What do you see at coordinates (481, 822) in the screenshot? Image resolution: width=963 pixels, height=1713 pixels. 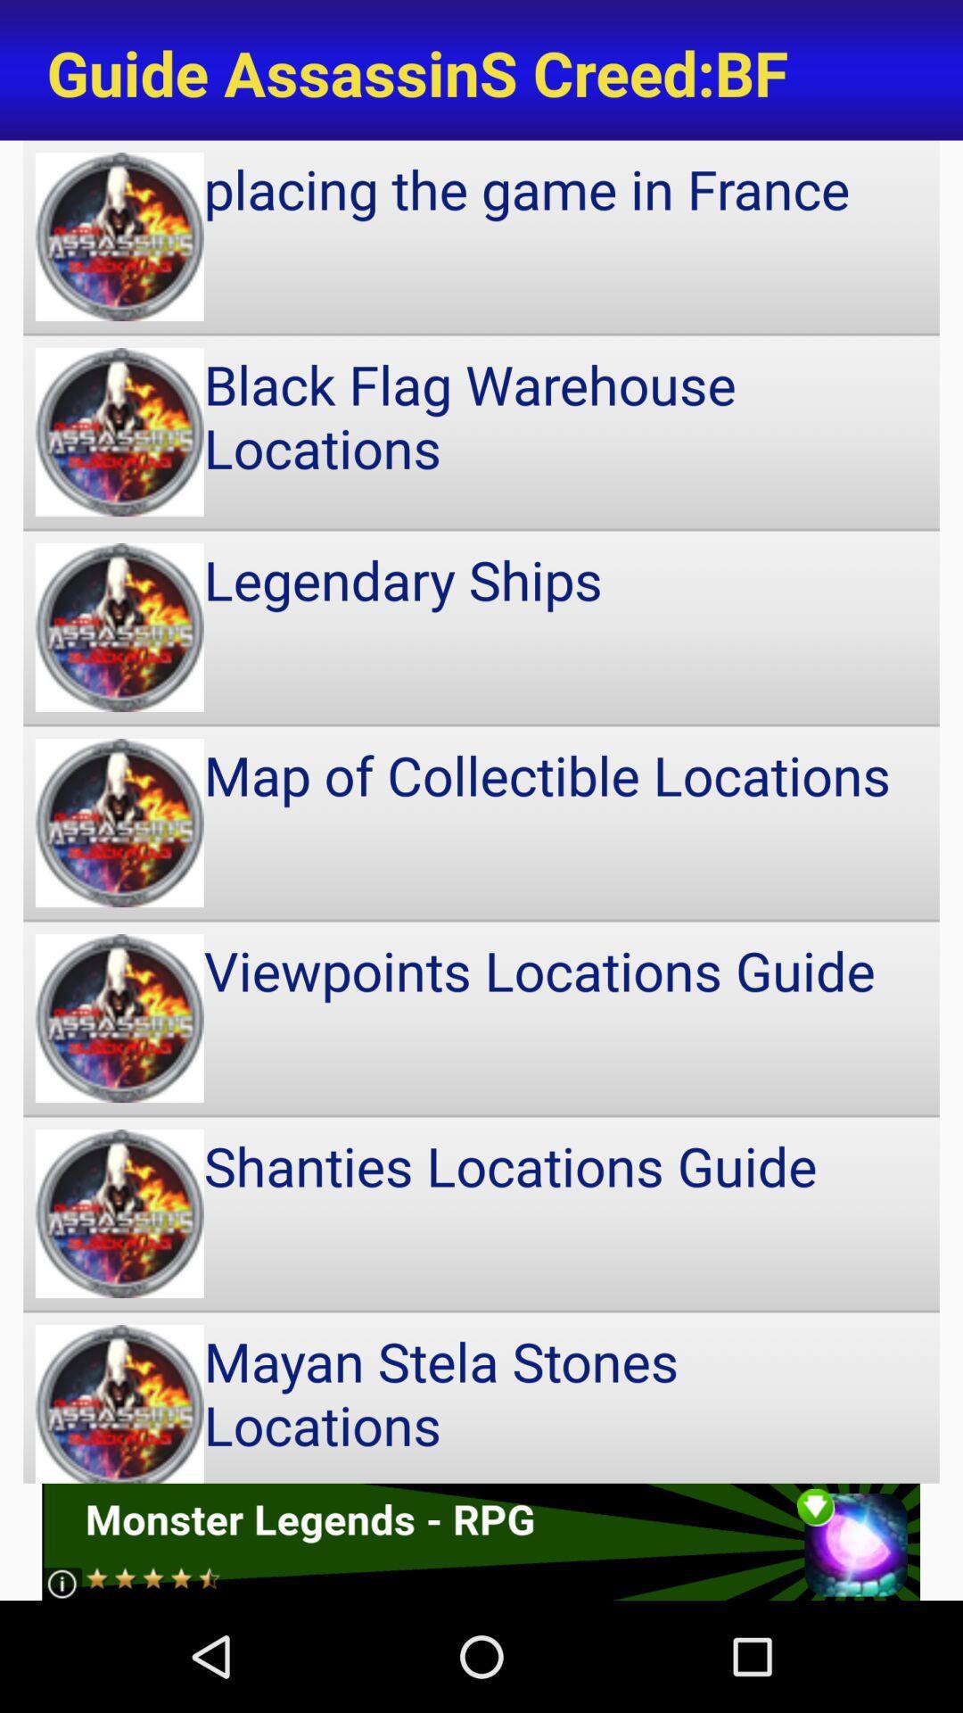 I see `icon below legendary ships icon` at bounding box center [481, 822].